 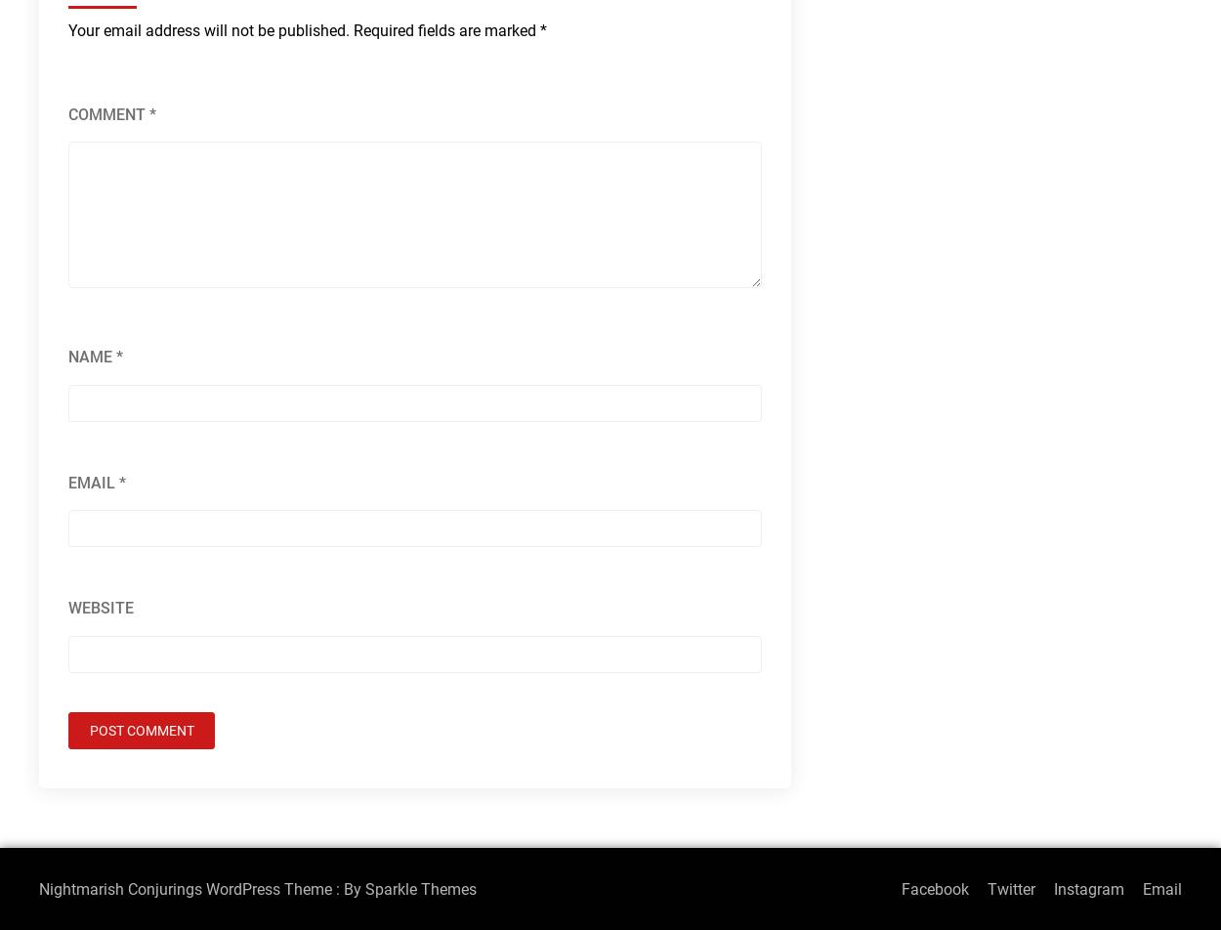 What do you see at coordinates (1011, 888) in the screenshot?
I see `'Twitter'` at bounding box center [1011, 888].